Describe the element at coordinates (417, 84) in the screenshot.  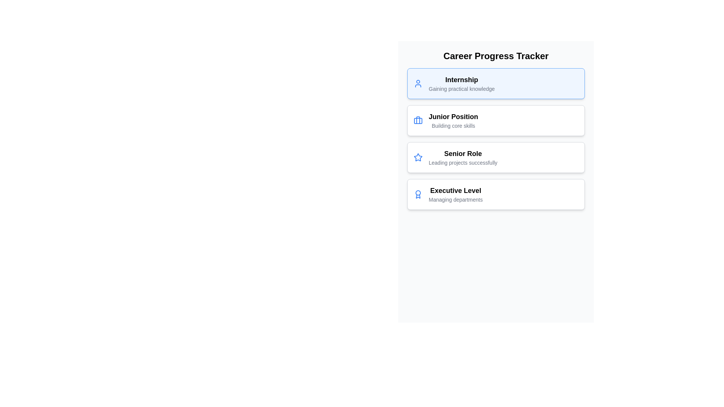
I see `the user profile SVG icon with a blue stroke, located to the left of the text 'Internship' in the Career Progress Tracker` at that location.